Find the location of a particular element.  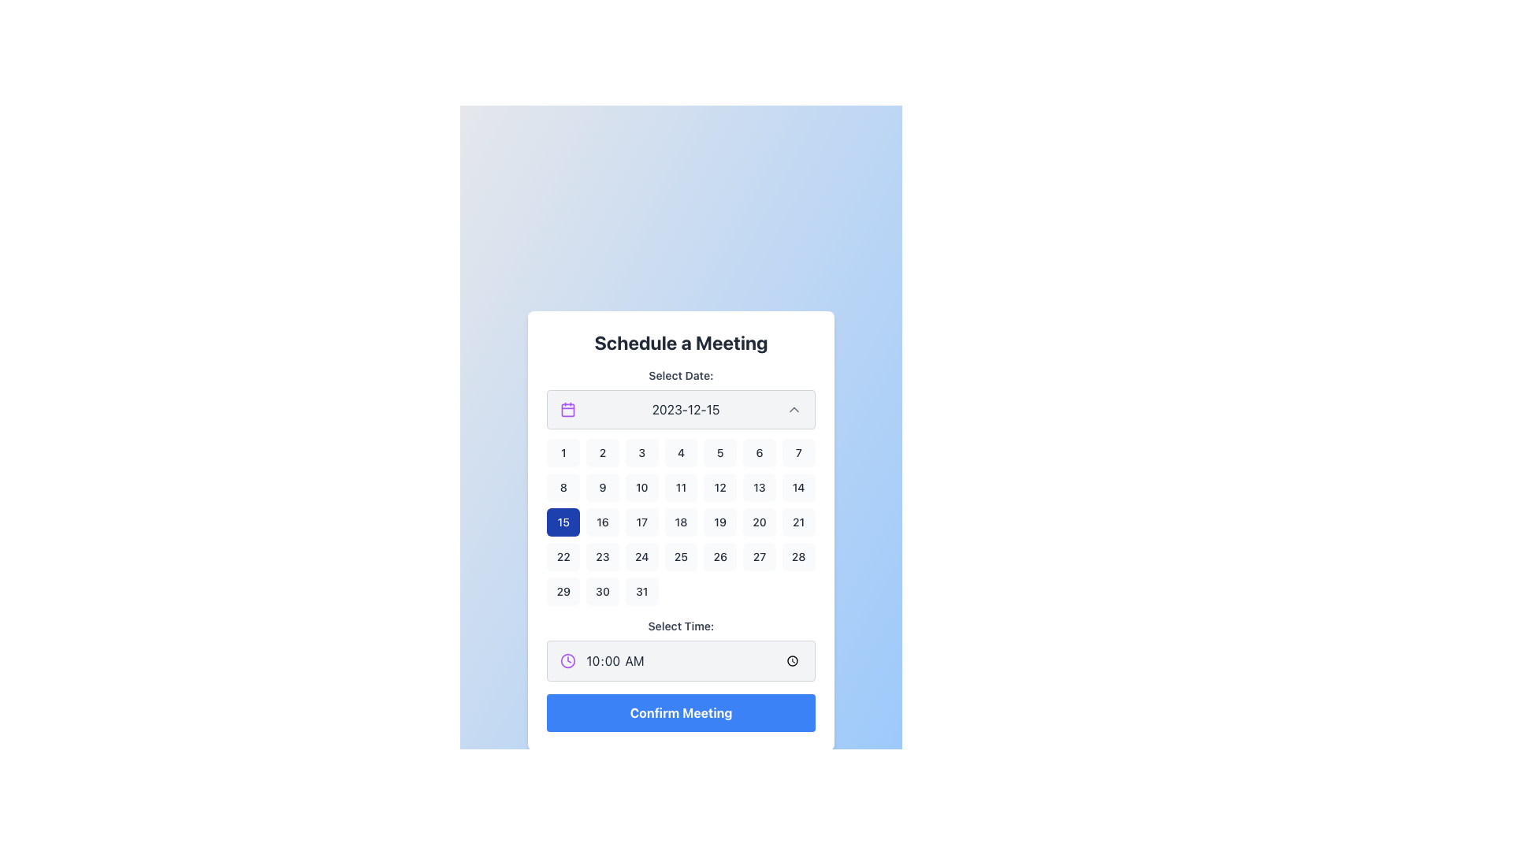

the date (13th) button in the date-picker component is located at coordinates (760, 486).